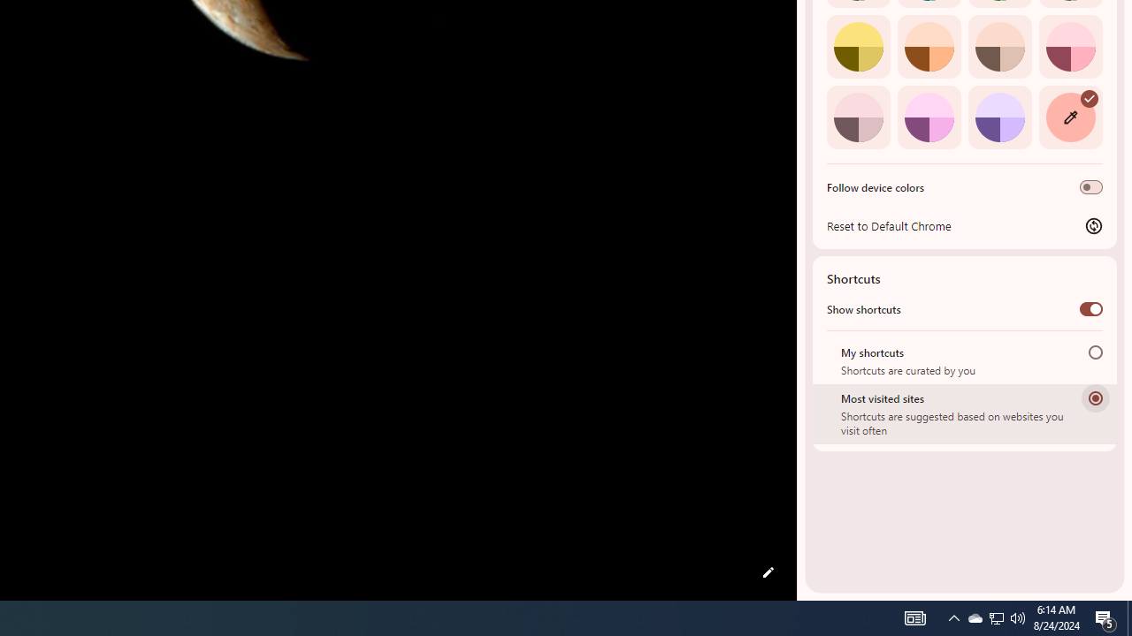 This screenshot has height=636, width=1132. What do you see at coordinates (1069, 45) in the screenshot?
I see `'Rose'` at bounding box center [1069, 45].